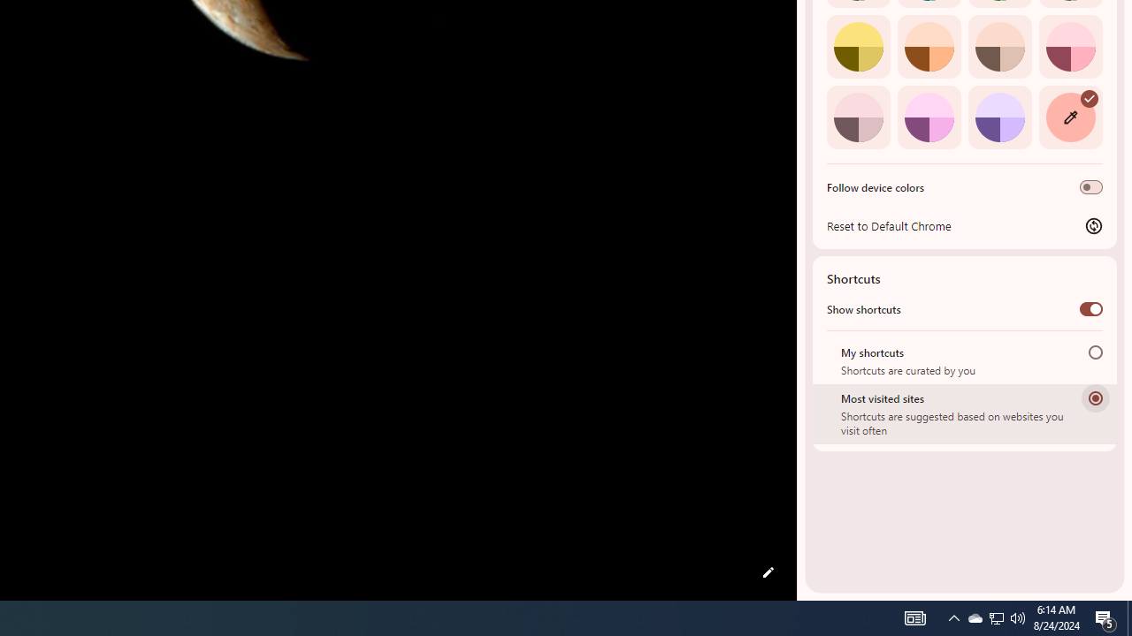 This screenshot has height=636, width=1132. What do you see at coordinates (1069, 45) in the screenshot?
I see `'Rose'` at bounding box center [1069, 45].